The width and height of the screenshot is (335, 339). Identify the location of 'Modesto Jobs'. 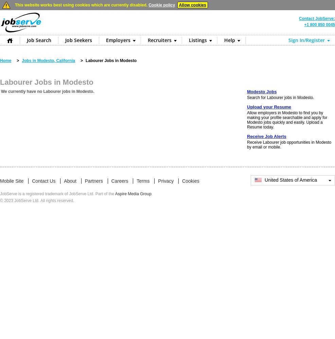
(246, 92).